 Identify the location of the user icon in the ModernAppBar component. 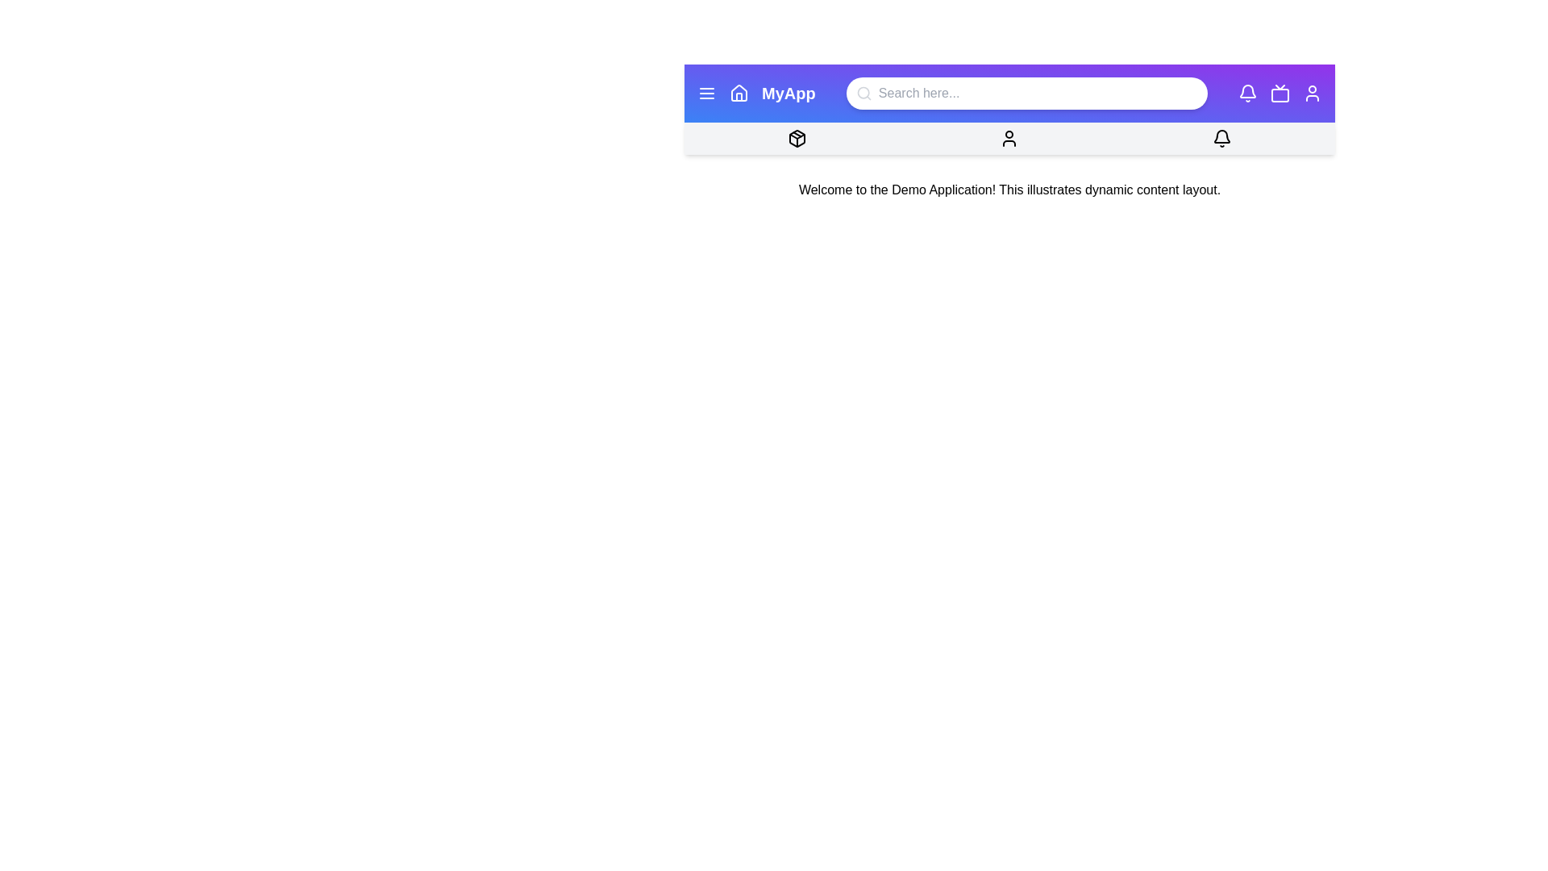
(1312, 93).